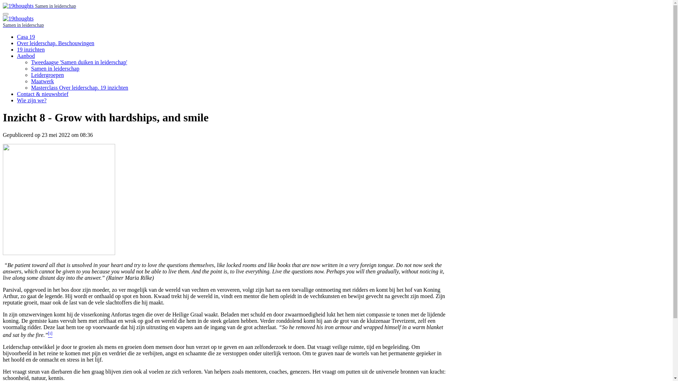 Image resolution: width=678 pixels, height=381 pixels. What do you see at coordinates (31, 100) in the screenshot?
I see `'Wie zijn we?'` at bounding box center [31, 100].